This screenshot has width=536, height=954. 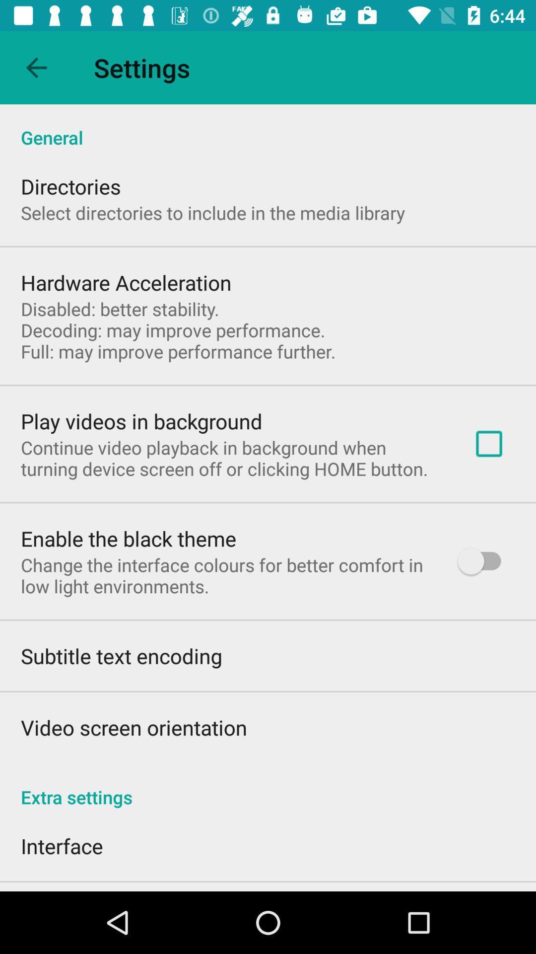 I want to click on the subtitle text encoding app, so click(x=121, y=656).